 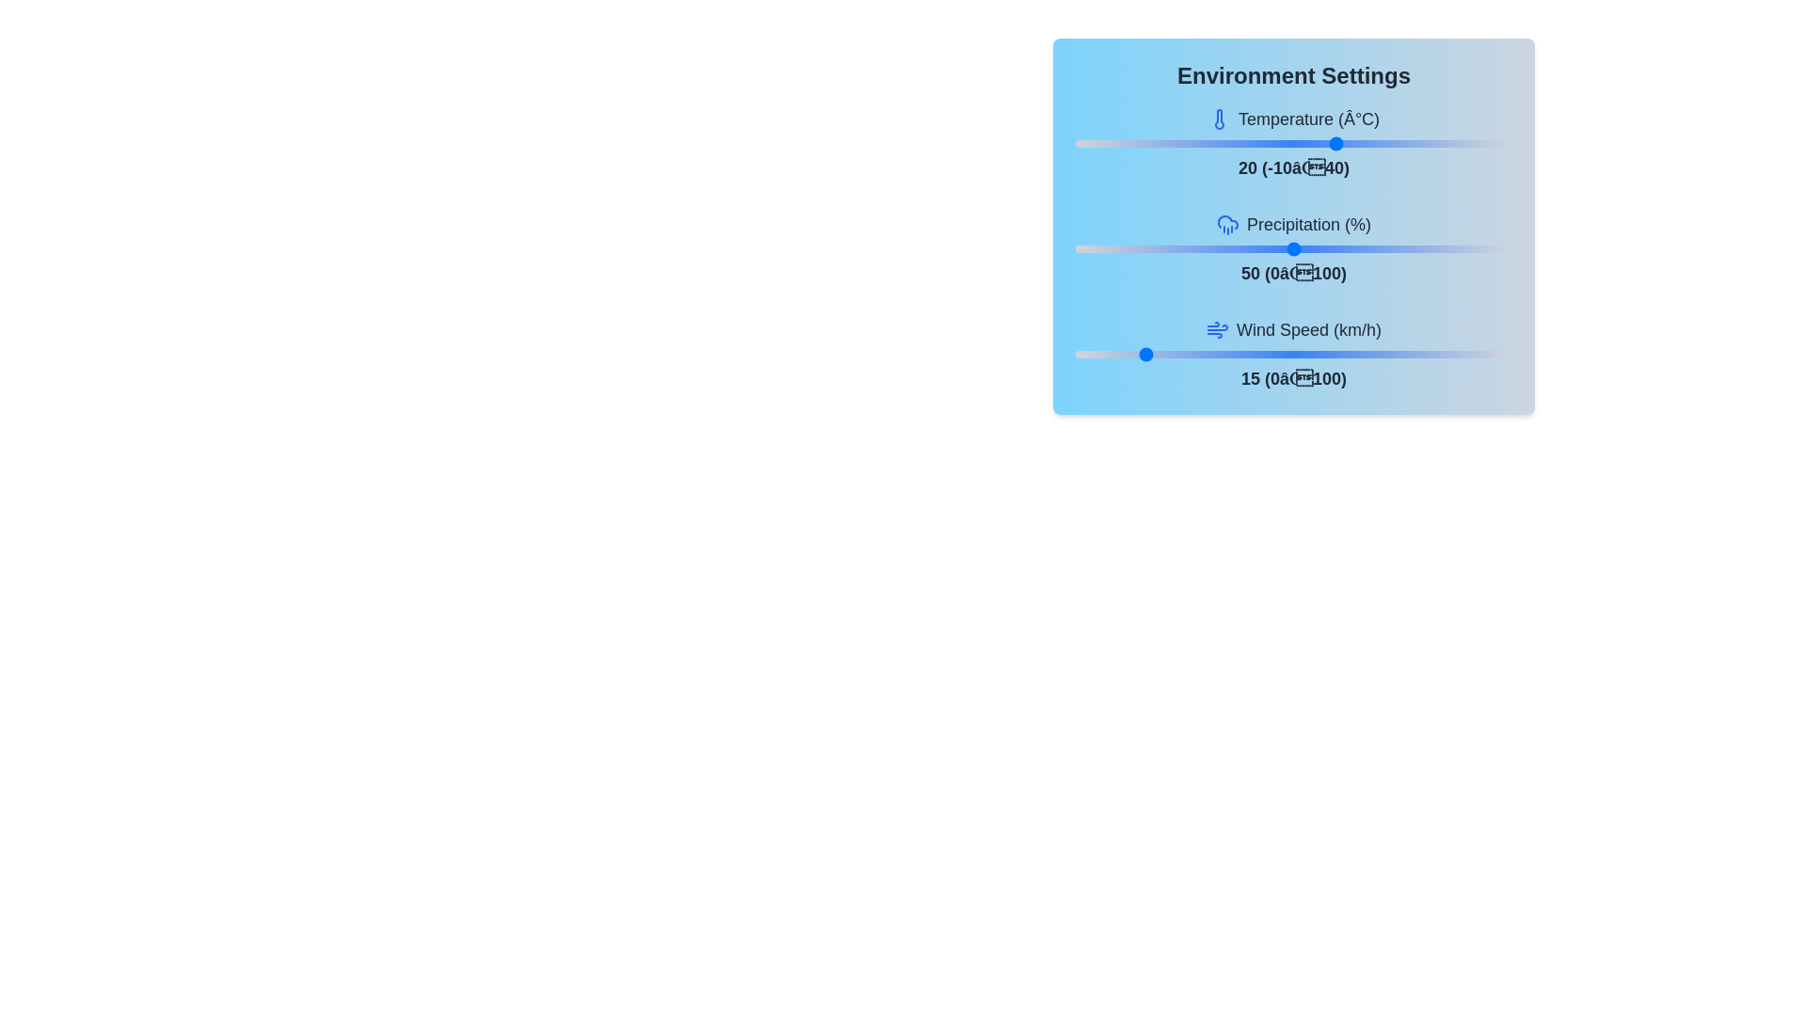 I want to click on the static text label displaying 'Precipitation (%)', which is aligned to the right of a rain cloud icon and is part of the weather parameter controls, so click(x=1308, y=224).